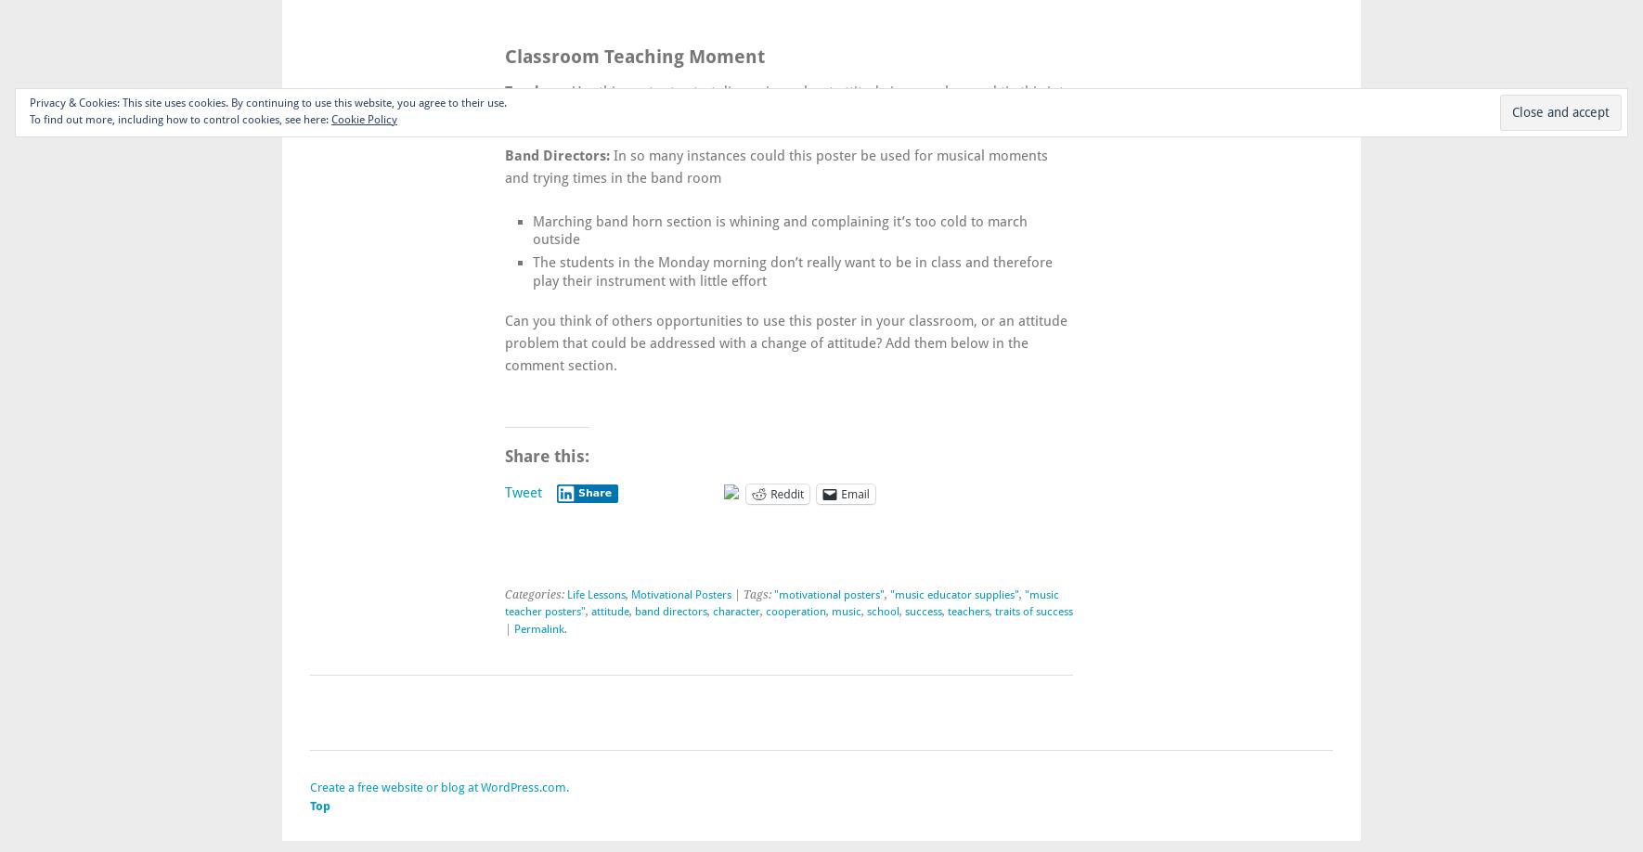  I want to click on 'To find out more, including how to control cookies, see here:', so click(180, 118).